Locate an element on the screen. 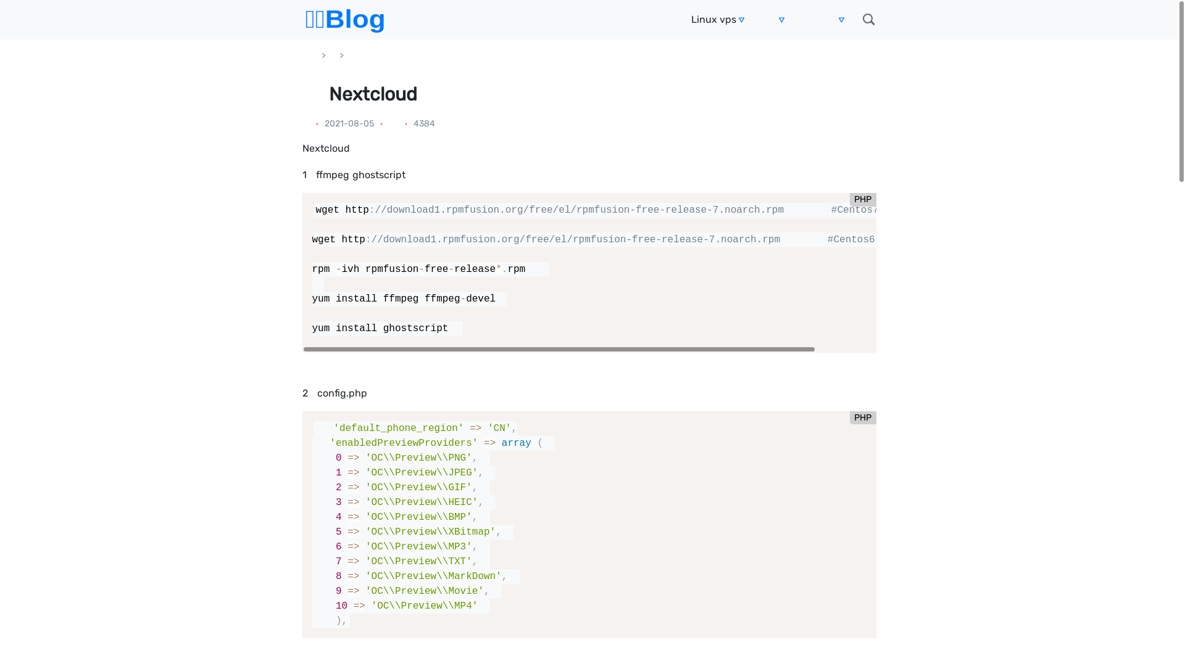 This screenshot has height=666, width=1185. 'Linux vps' is located at coordinates (713, 19).